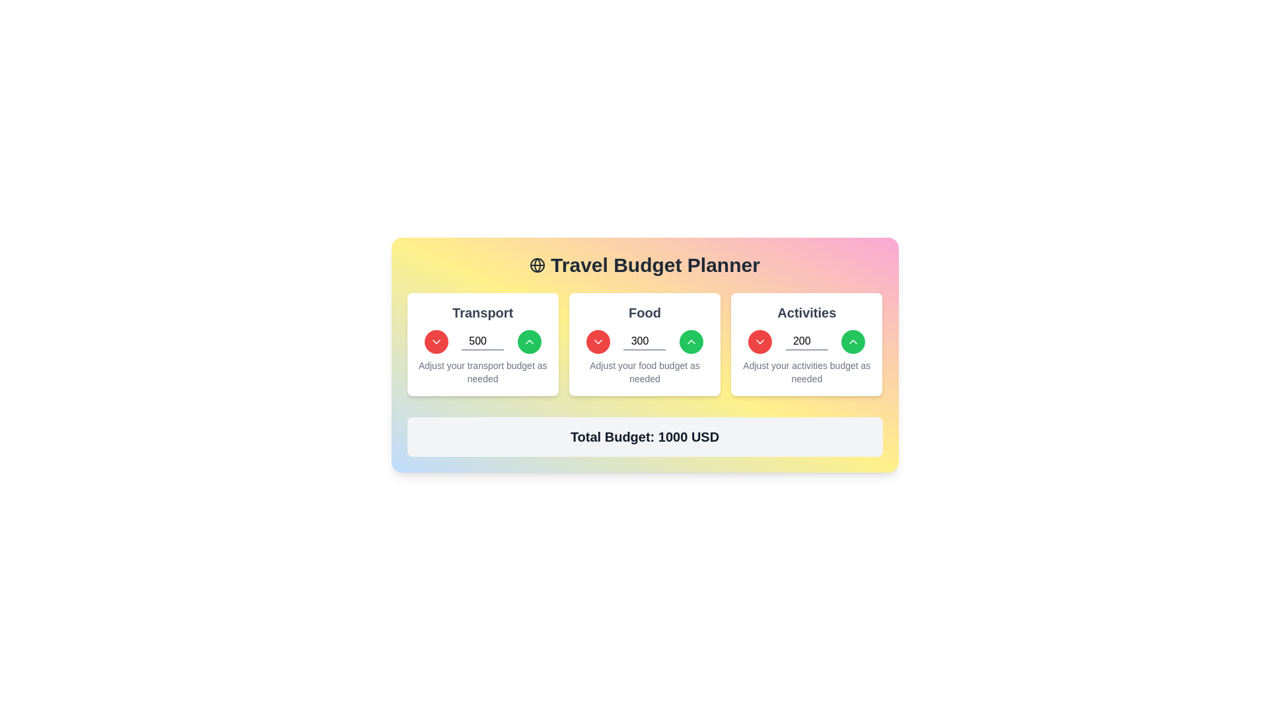  I want to click on the number input group for the 'Food' budget, so click(645, 343).